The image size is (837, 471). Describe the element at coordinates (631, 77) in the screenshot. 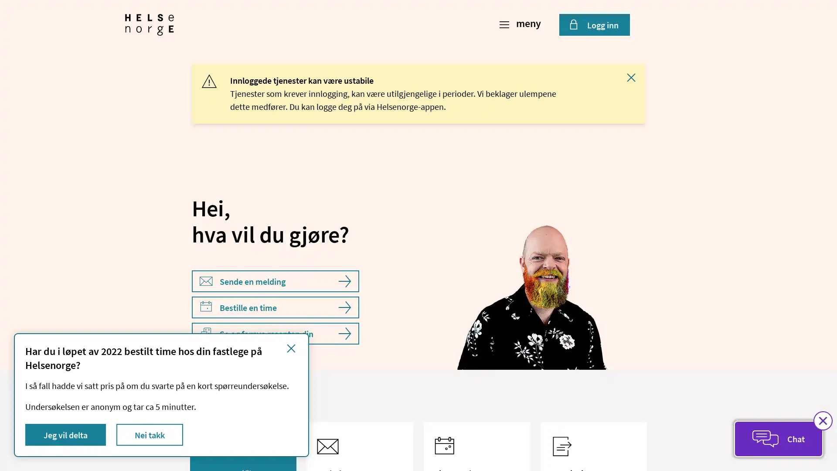

I see `Lukk` at that location.